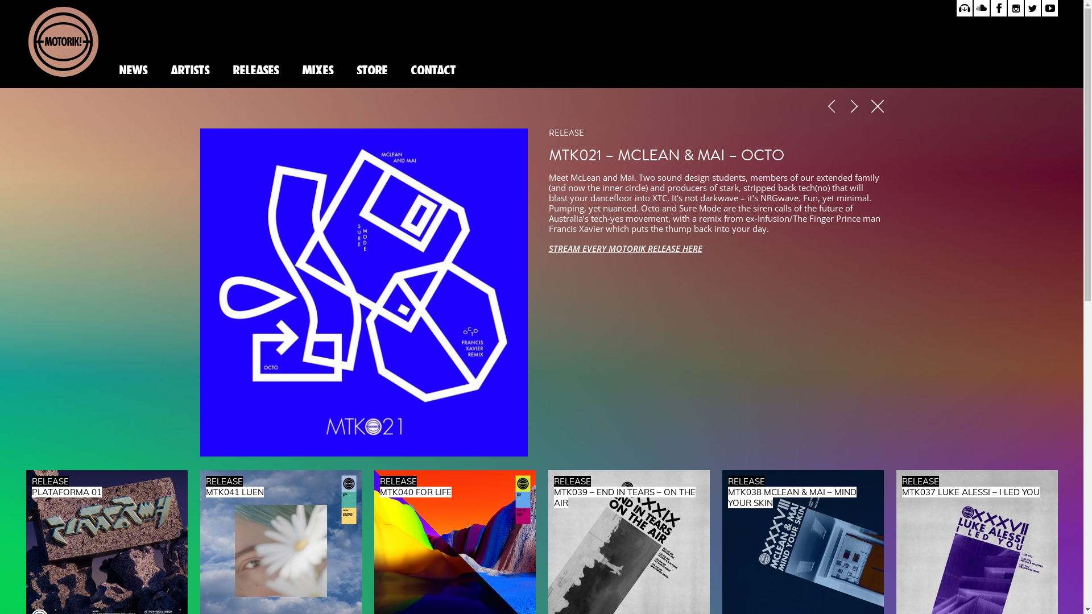  Describe the element at coordinates (398, 68) in the screenshot. I see `'CONTACT'` at that location.